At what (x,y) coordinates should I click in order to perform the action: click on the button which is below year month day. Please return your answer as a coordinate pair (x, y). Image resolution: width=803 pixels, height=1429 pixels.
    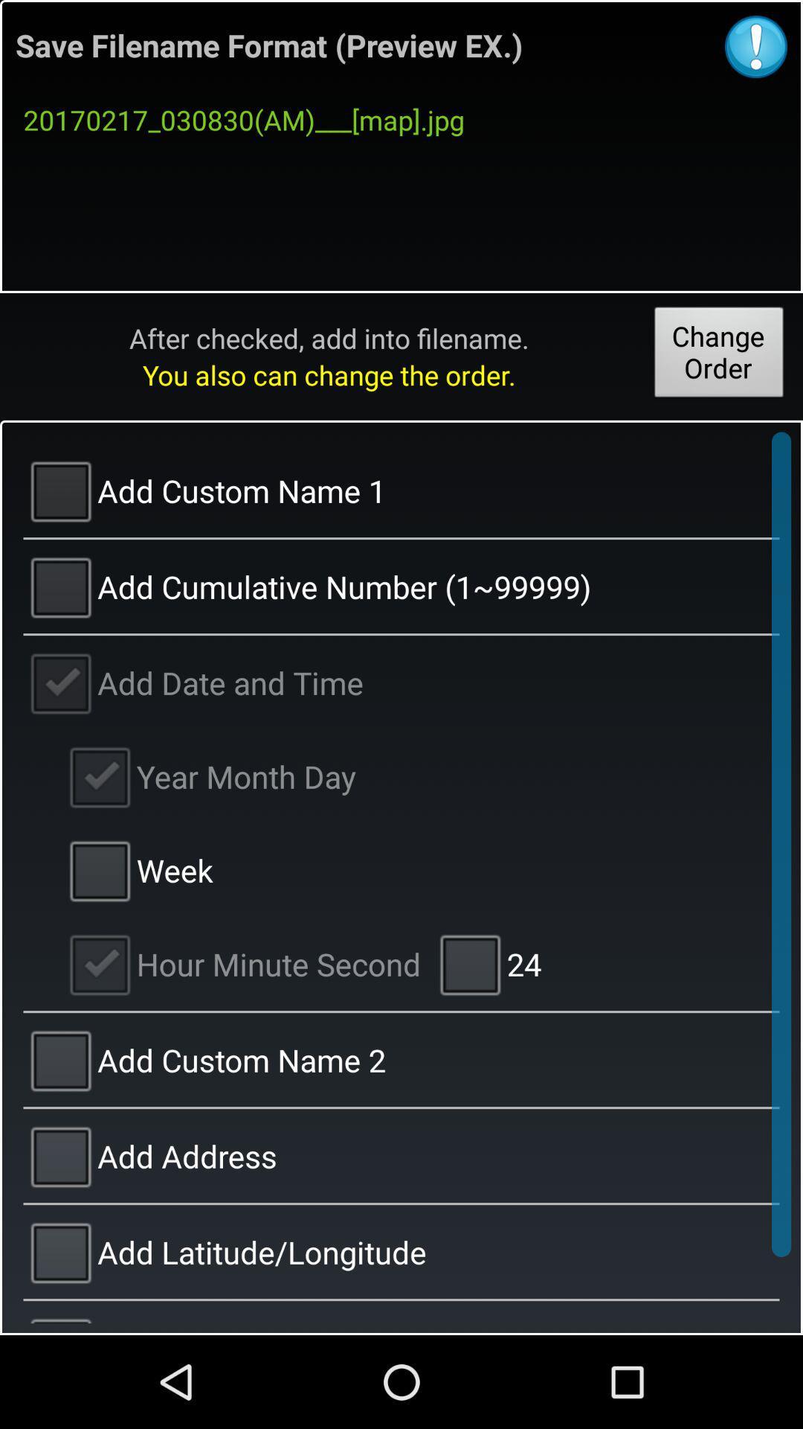
    Looking at the image, I should click on (138, 870).